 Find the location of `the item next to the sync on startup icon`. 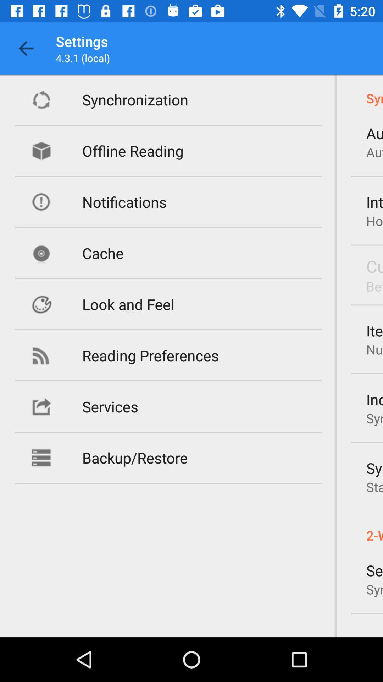

the item next to the sync on startup icon is located at coordinates (135, 458).